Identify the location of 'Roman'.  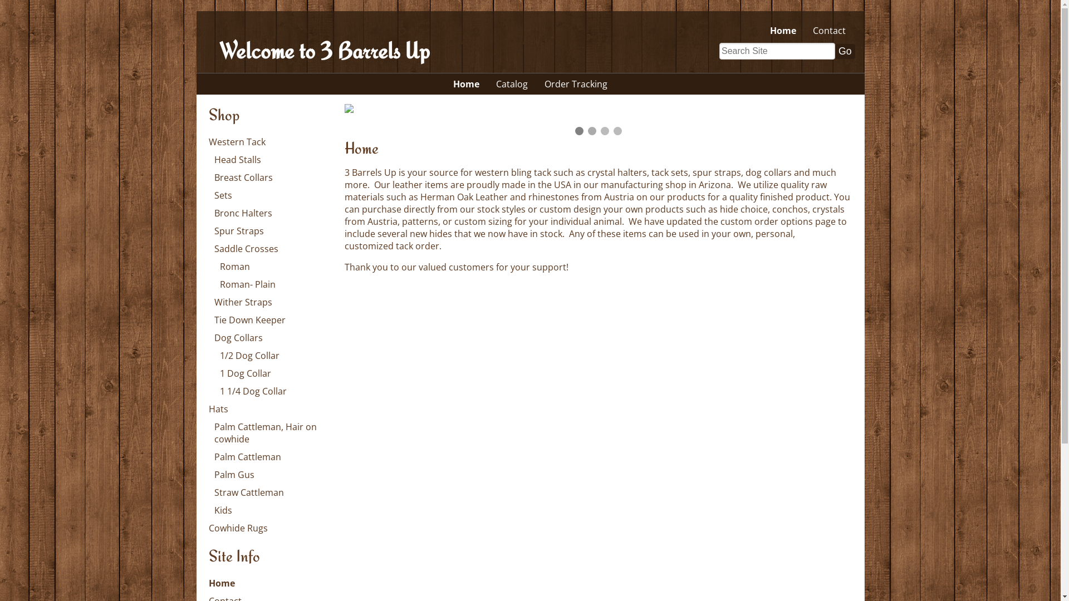
(219, 266).